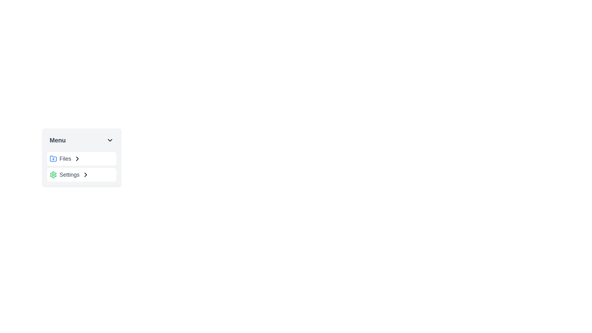 Image resolution: width=592 pixels, height=333 pixels. I want to click on the gear icon representing the settings option located to the left of the 'Settings' text label in the menu list, so click(53, 175).